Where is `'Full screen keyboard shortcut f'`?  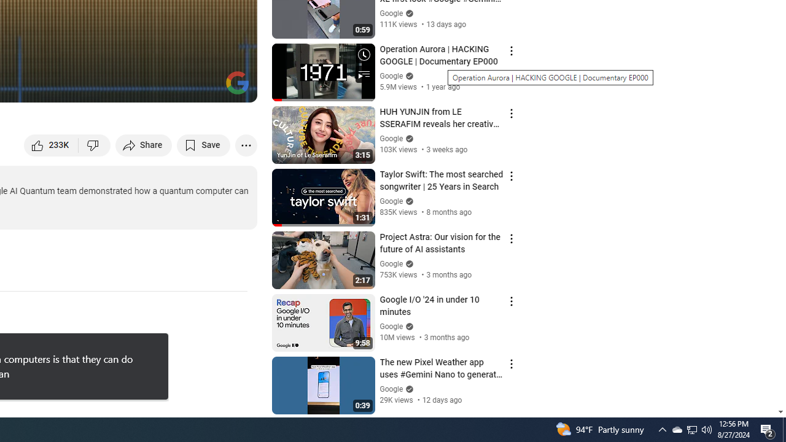 'Full screen keyboard shortcut f' is located at coordinates (235, 87).